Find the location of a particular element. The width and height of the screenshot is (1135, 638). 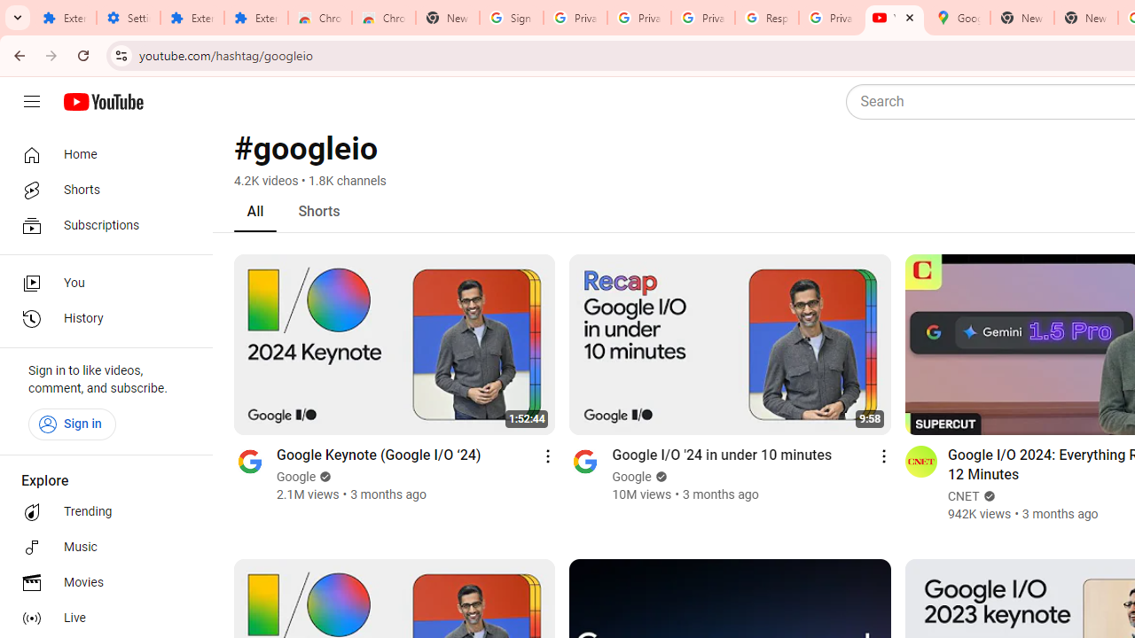

'Music' is located at coordinates (99, 547).